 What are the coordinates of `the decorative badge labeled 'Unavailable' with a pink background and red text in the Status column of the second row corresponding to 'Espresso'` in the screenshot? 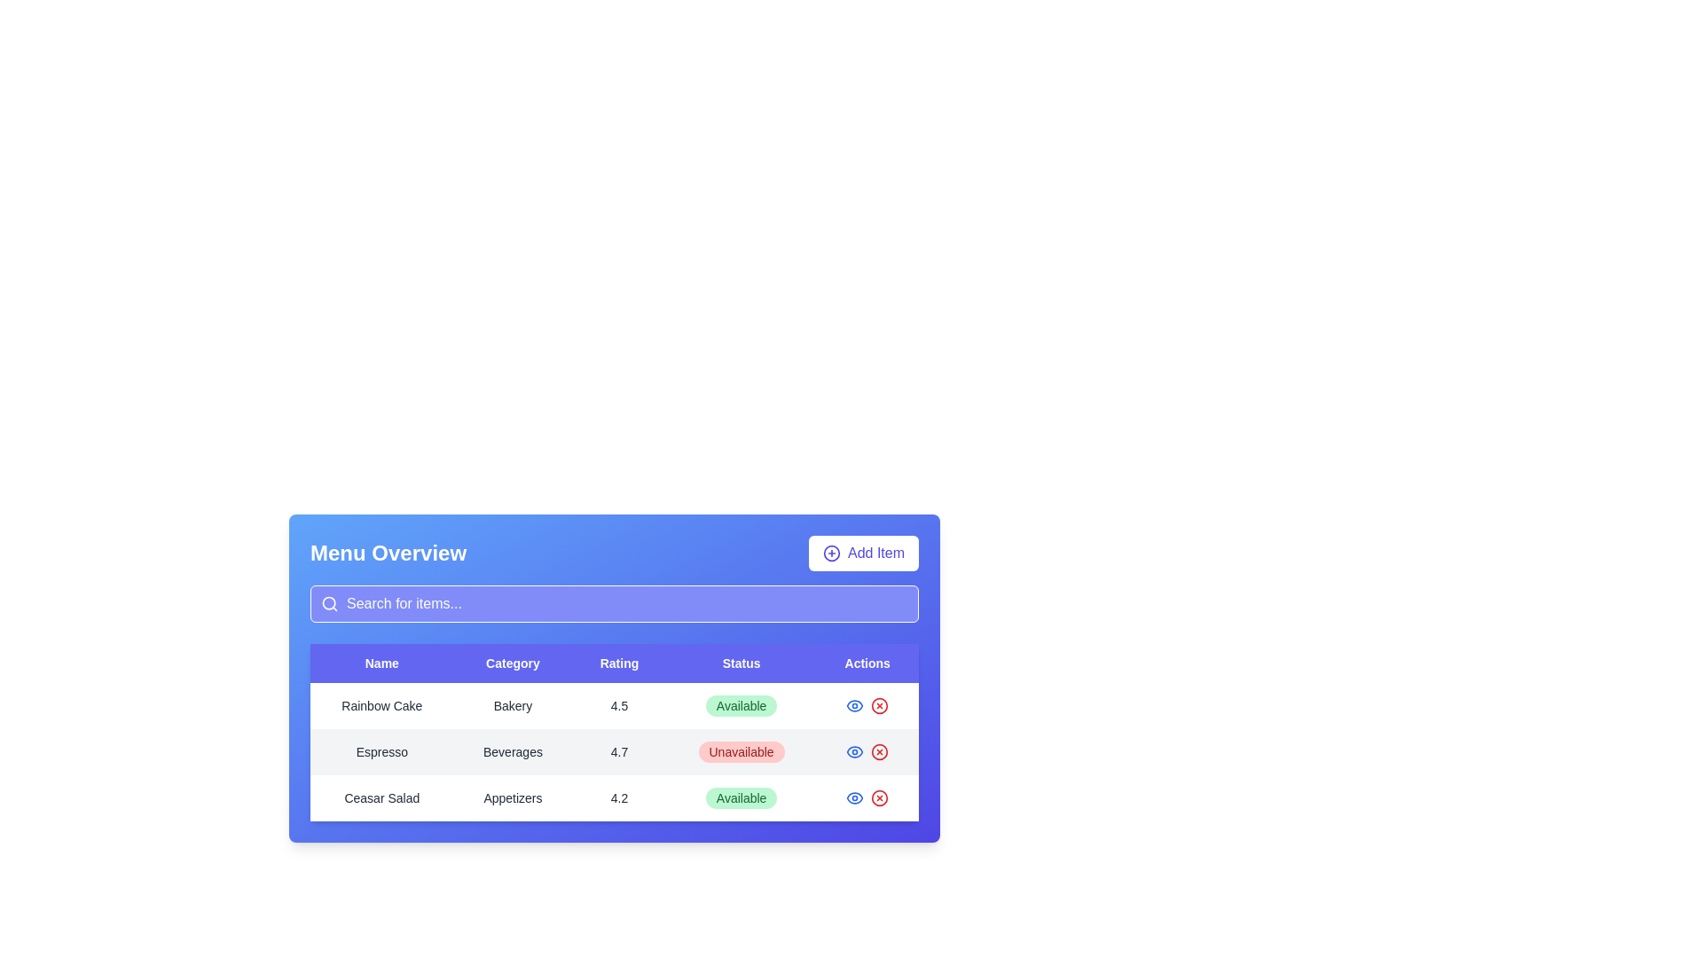 It's located at (742, 752).